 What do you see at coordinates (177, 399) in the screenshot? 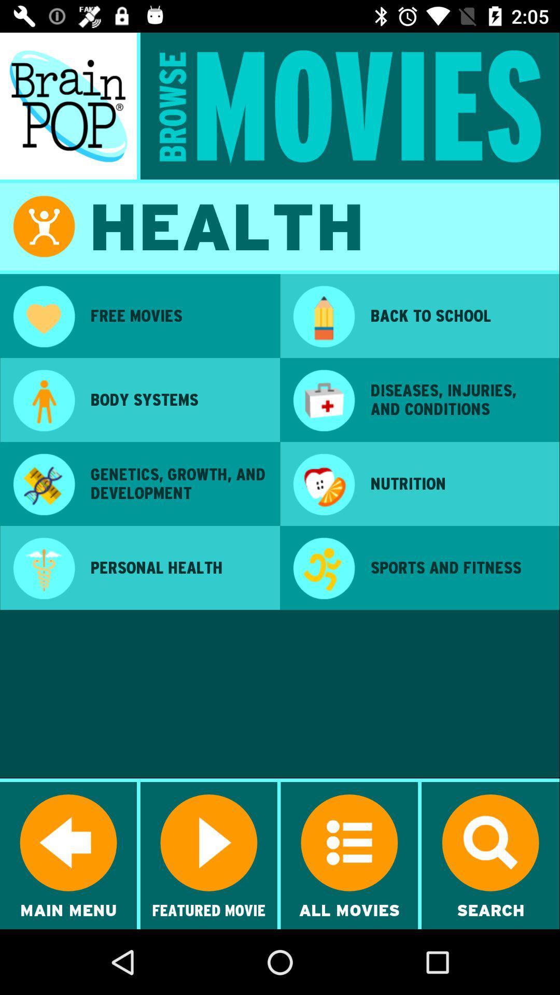
I see `the body systems icon` at bounding box center [177, 399].